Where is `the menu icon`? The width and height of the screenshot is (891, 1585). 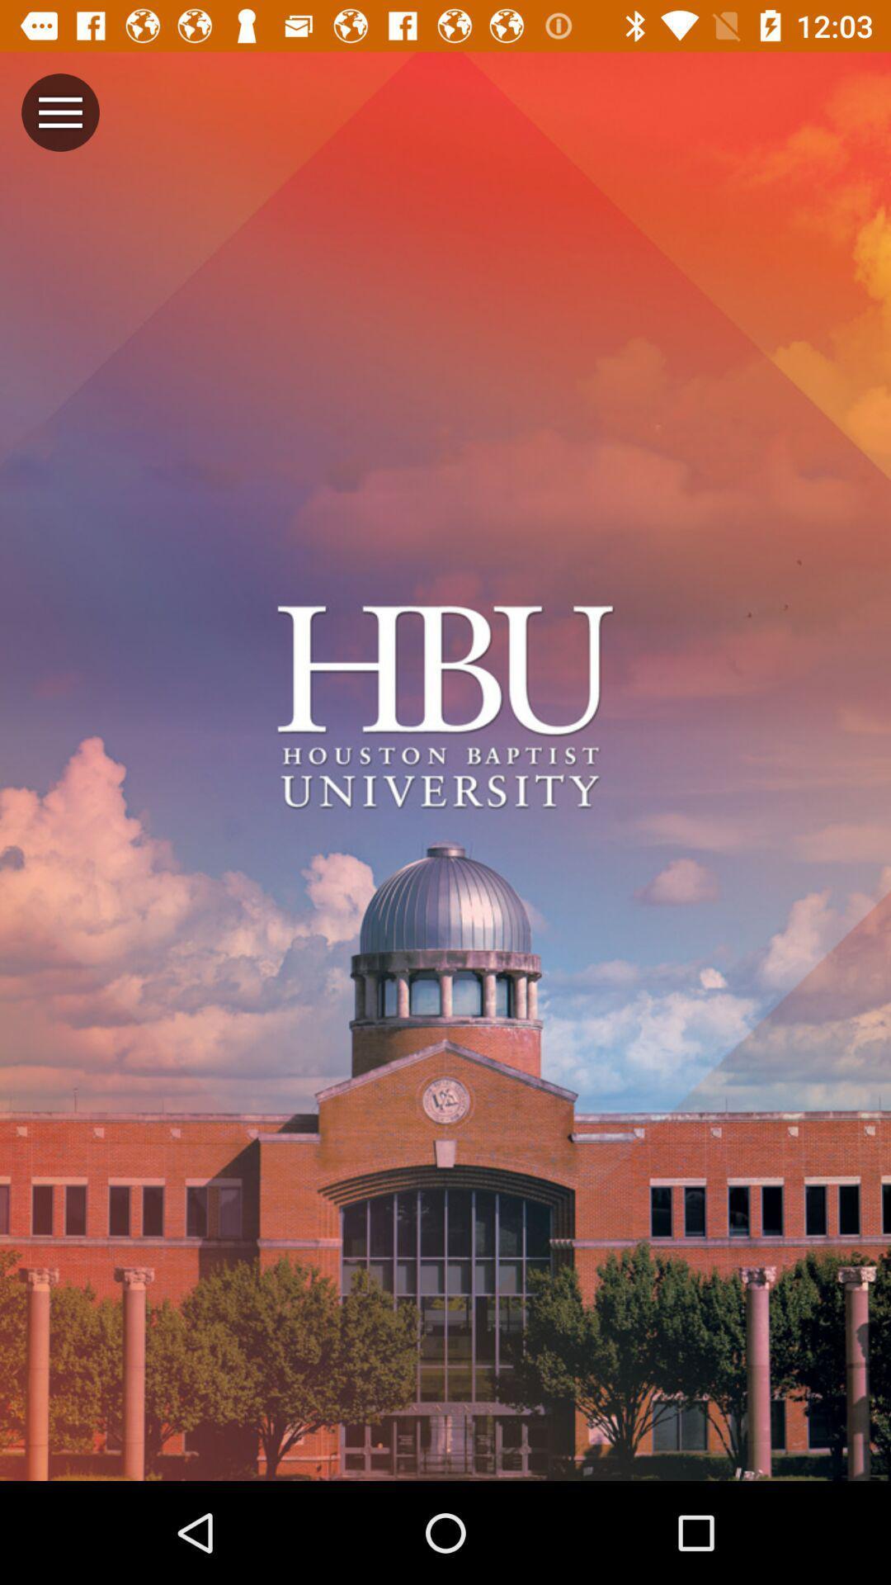 the menu icon is located at coordinates (59, 111).